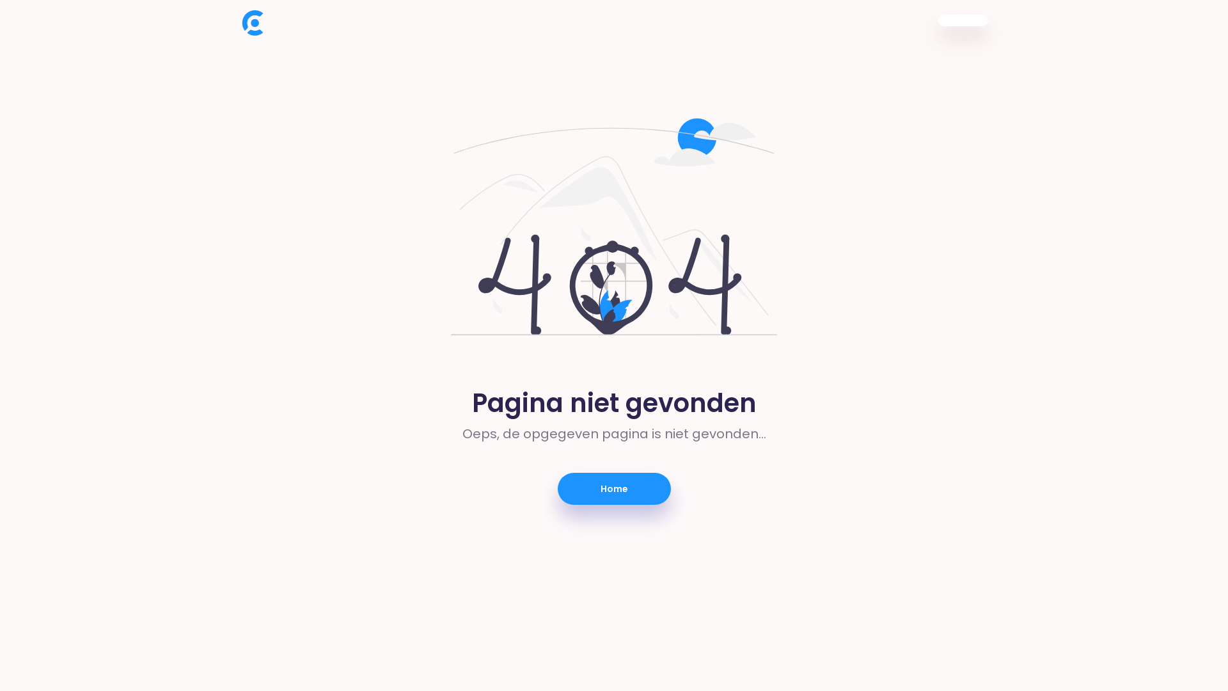  Describe the element at coordinates (614, 488) in the screenshot. I see `'Home'` at that location.